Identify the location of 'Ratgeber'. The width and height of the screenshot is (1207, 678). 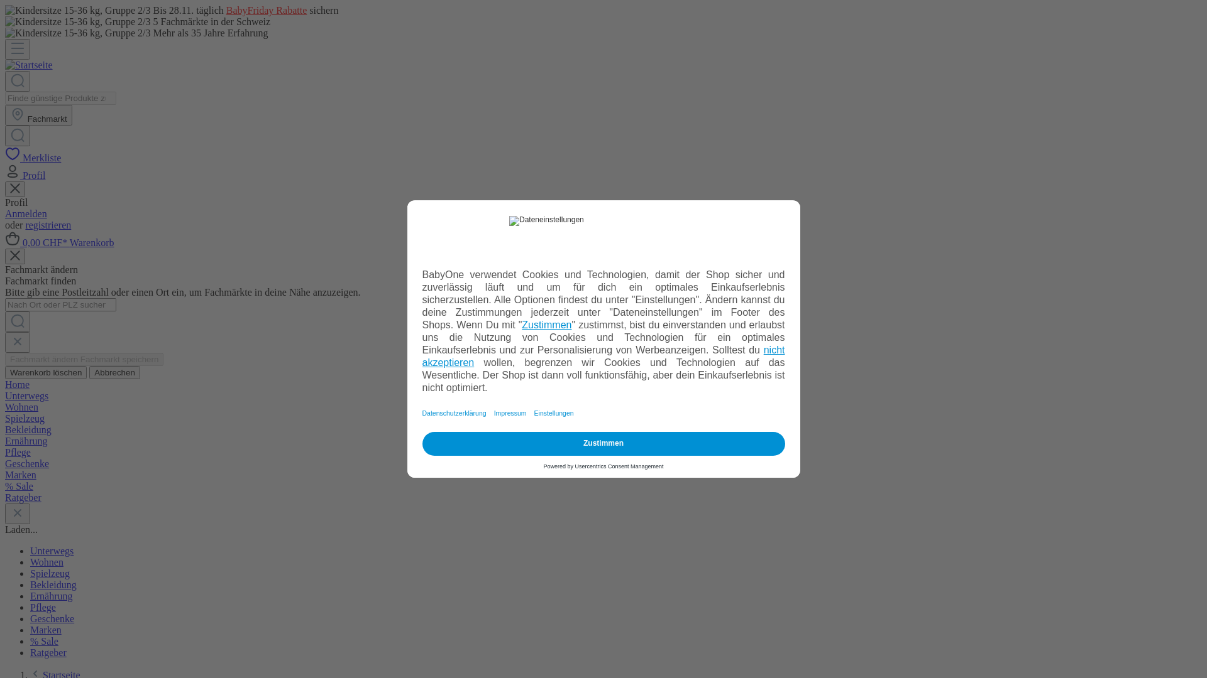
(48, 652).